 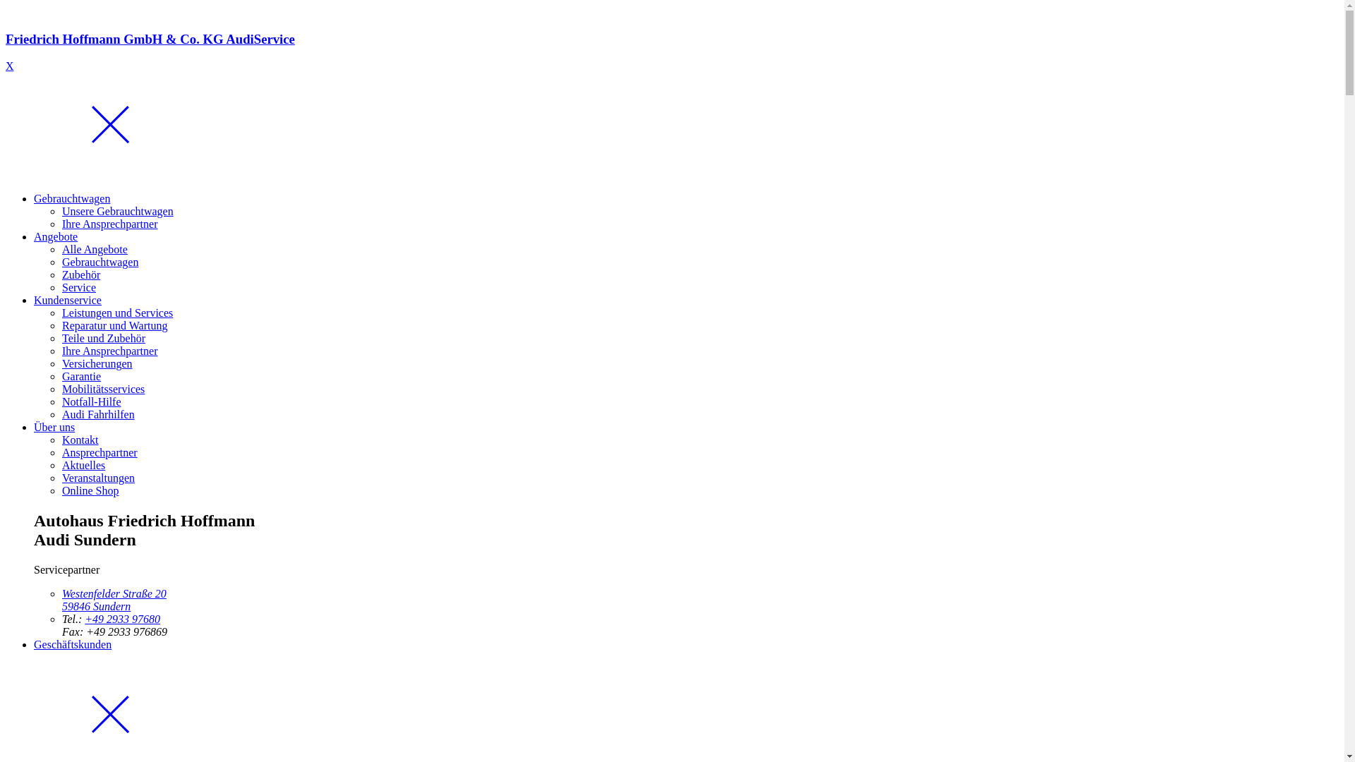 What do you see at coordinates (80, 439) in the screenshot?
I see `'Kontakt'` at bounding box center [80, 439].